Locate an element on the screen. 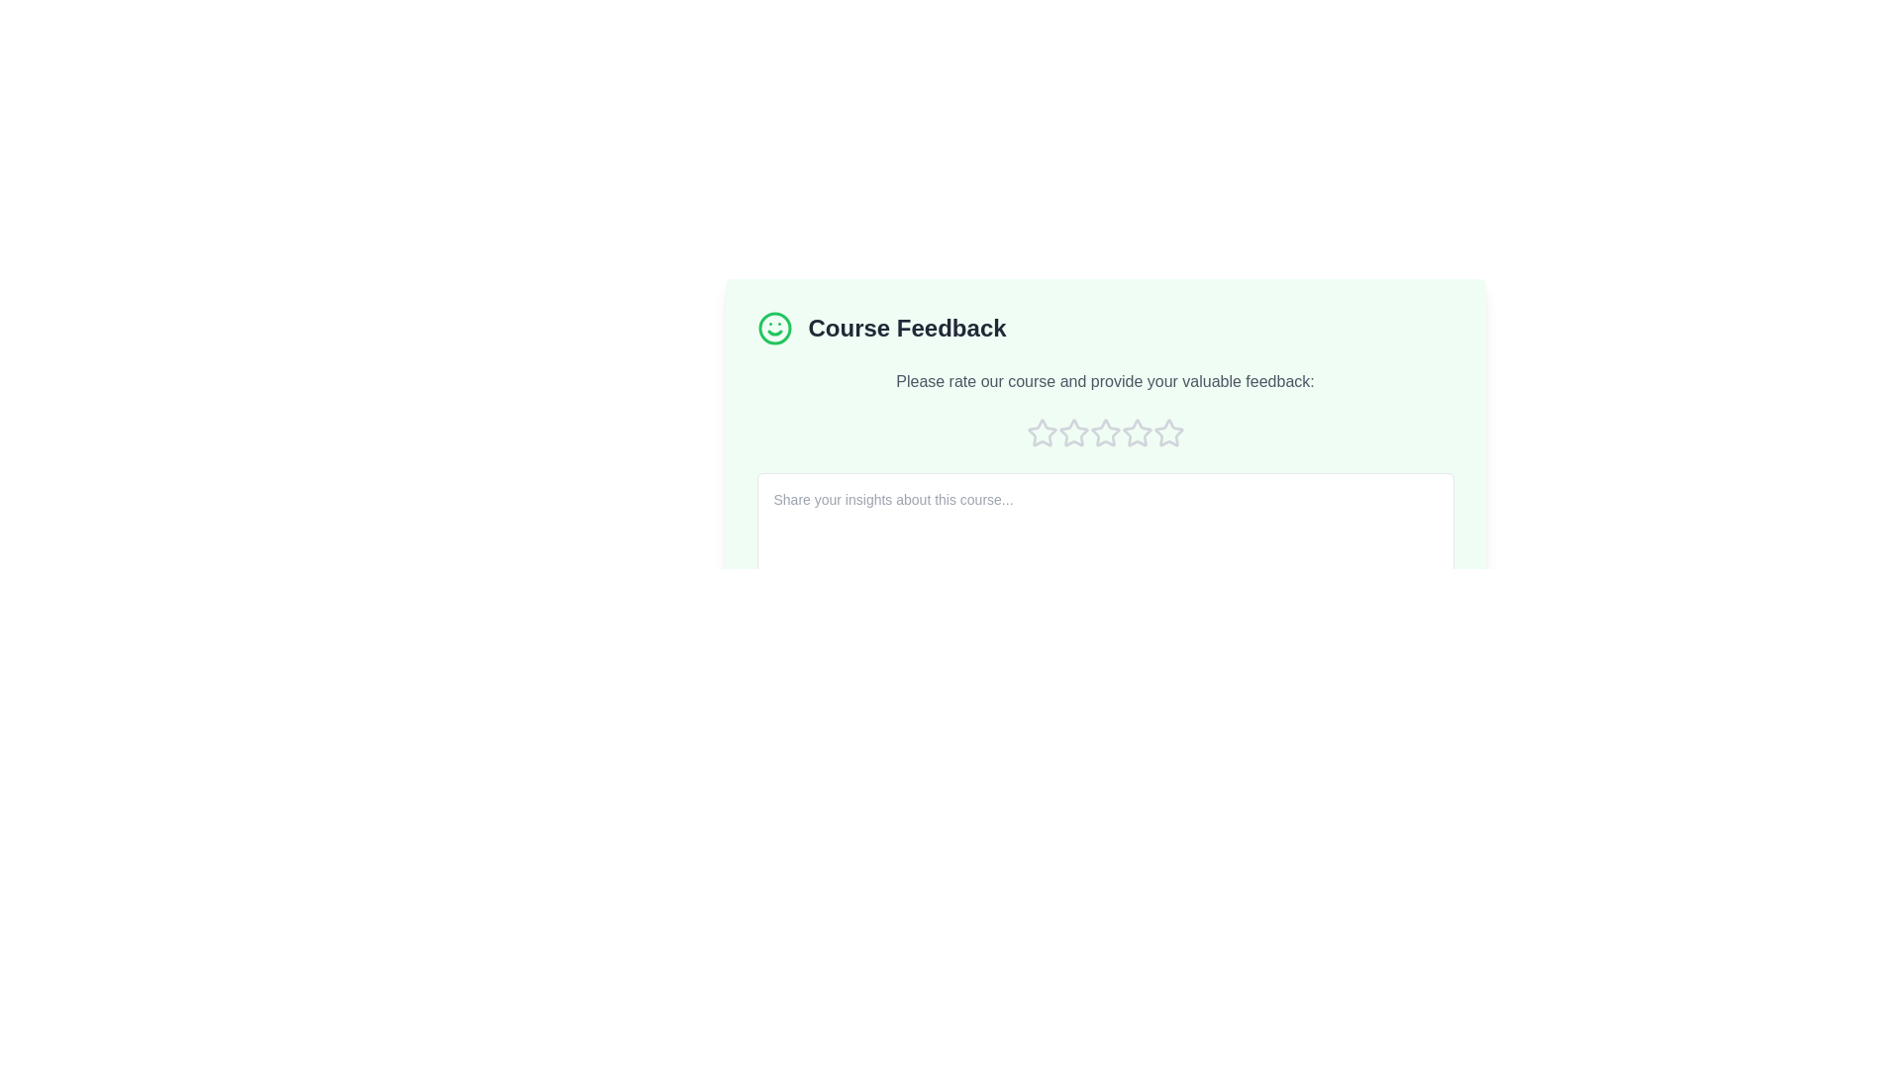  the fourth star icon in the horizontal star rating system is located at coordinates (1104, 433).